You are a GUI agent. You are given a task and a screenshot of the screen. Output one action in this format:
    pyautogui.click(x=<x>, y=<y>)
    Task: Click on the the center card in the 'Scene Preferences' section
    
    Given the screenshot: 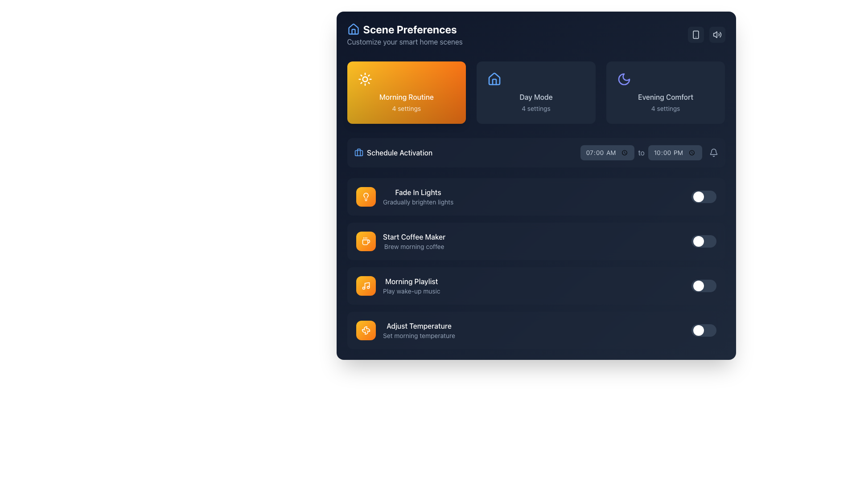 What is the action you would take?
    pyautogui.click(x=535, y=93)
    